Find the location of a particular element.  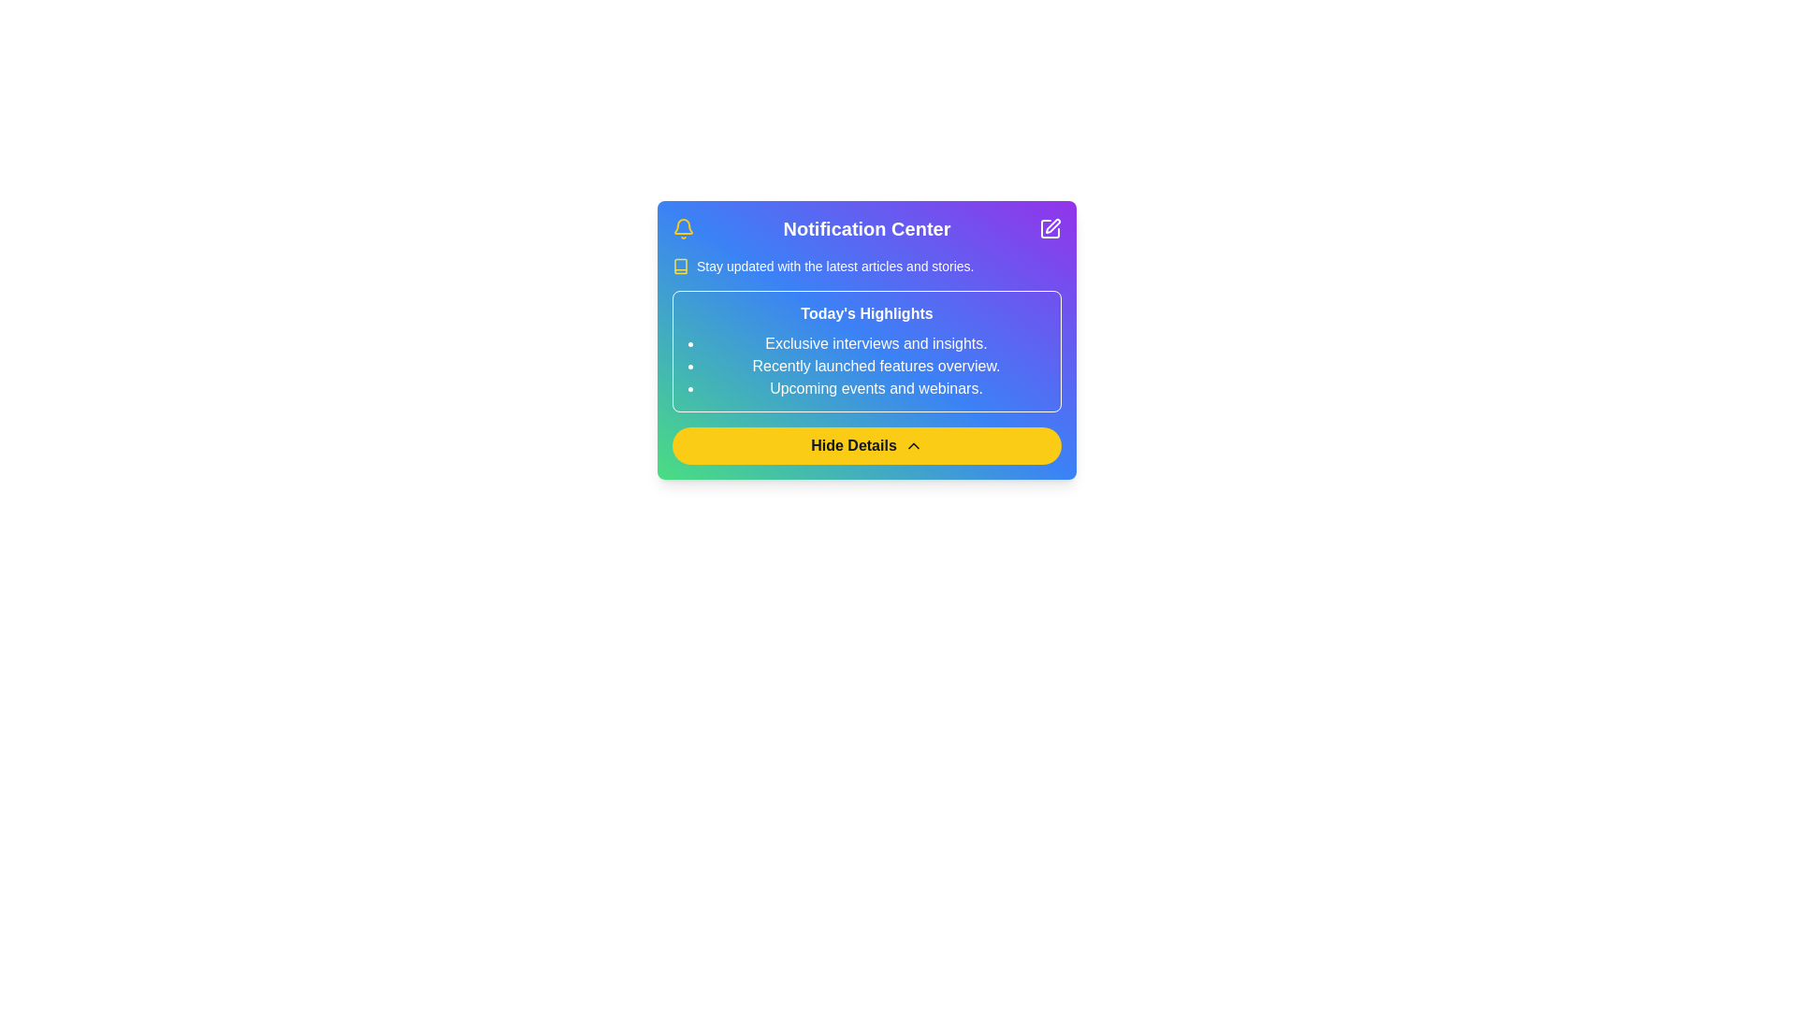

text label that displays 'Stay updated with the latest articles and stories.' located in the highlighted notification area is located at coordinates (834, 267).